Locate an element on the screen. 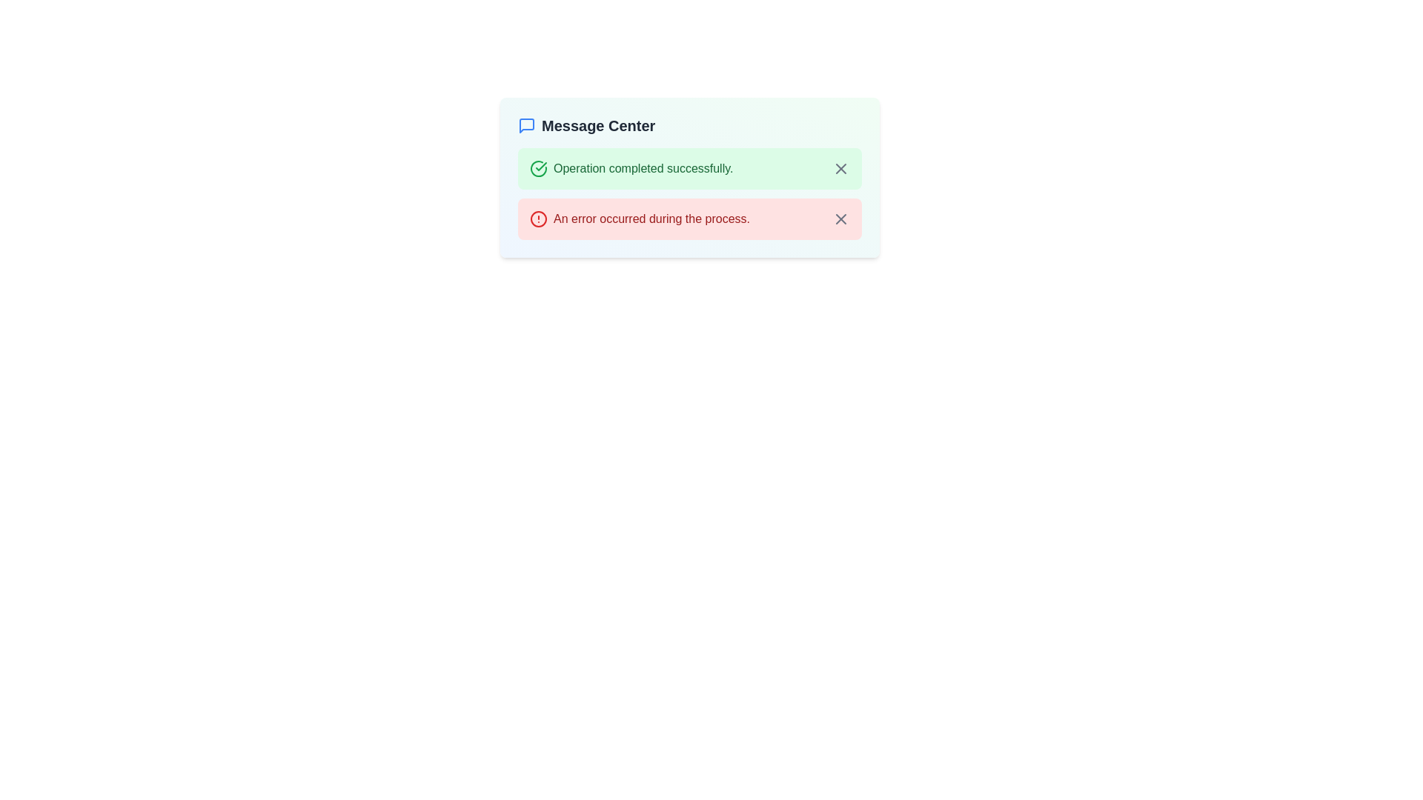 This screenshot has height=800, width=1423. the second notification message box in the 'Message Center' section, which conveys an error during a process is located at coordinates (689, 219).